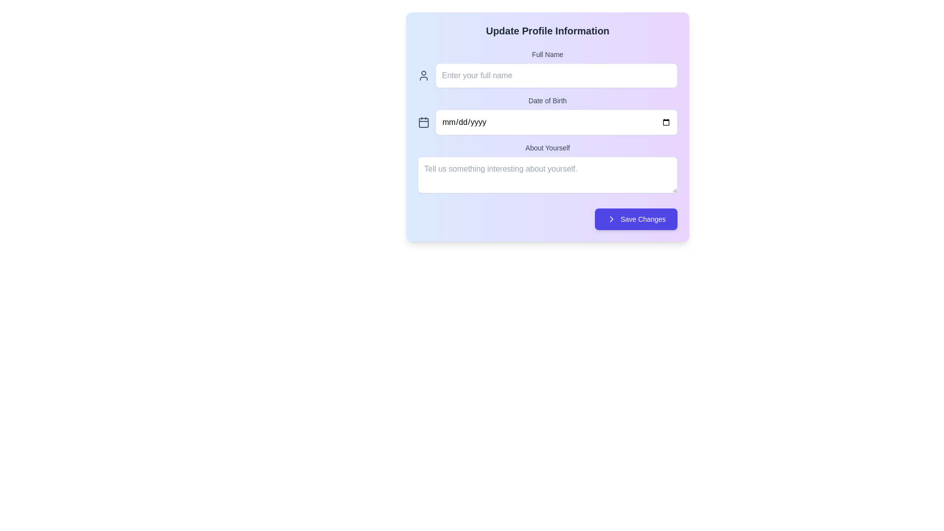 This screenshot has height=531, width=944. Describe the element at coordinates (424, 122) in the screenshot. I see `the date picker icon located to the left of the date input field under the 'Date of Birth' label` at that location.